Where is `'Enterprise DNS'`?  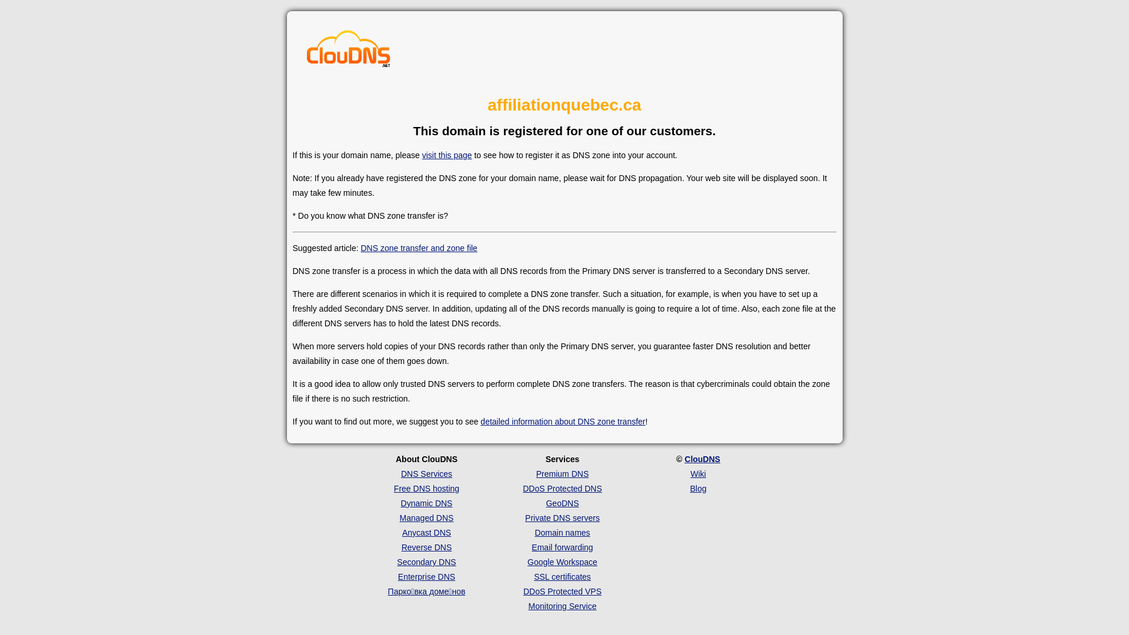
'Enterprise DNS' is located at coordinates (426, 576).